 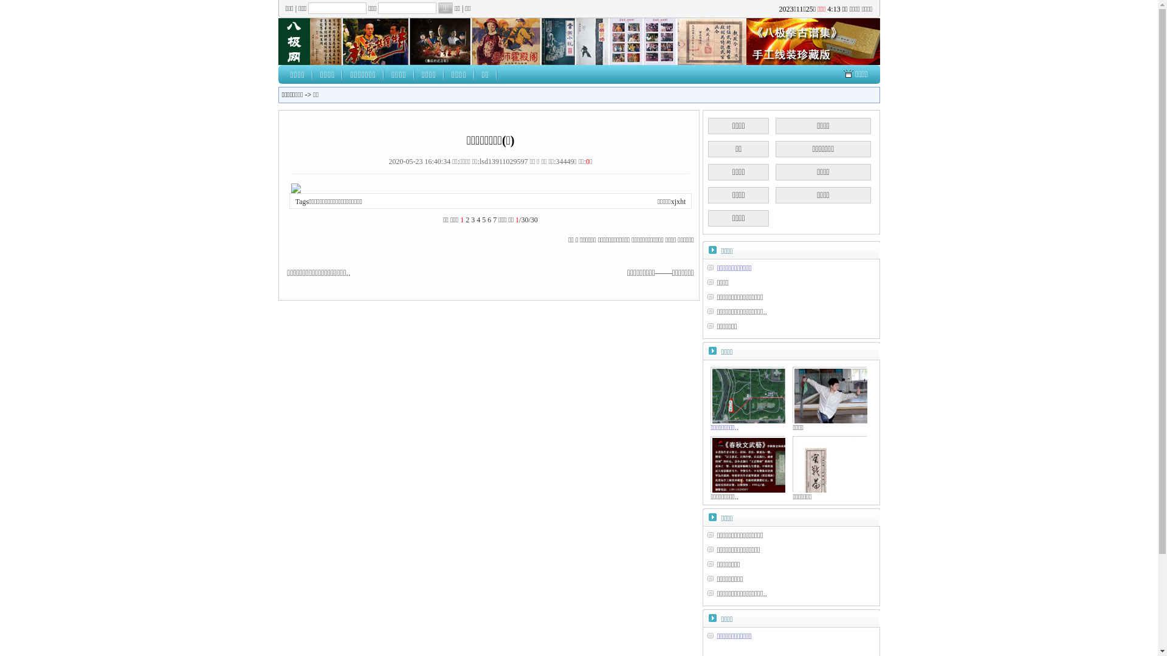 I want to click on 'xjxht', so click(x=678, y=200).